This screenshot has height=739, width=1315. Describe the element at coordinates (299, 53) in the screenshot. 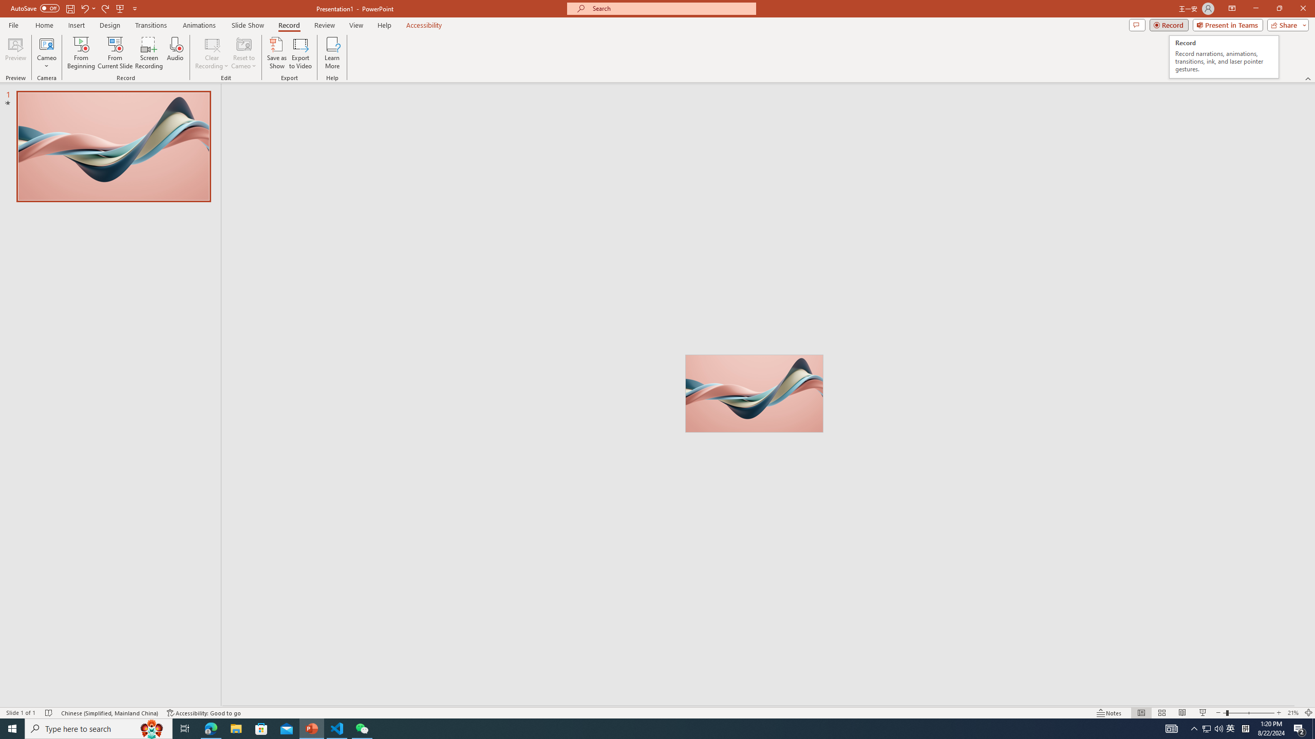

I see `'Export to Video'` at that location.